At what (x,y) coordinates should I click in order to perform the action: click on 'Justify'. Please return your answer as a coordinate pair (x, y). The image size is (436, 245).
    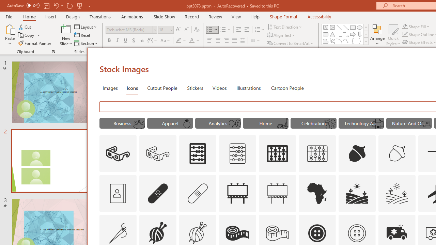
    Looking at the image, I should click on (234, 40).